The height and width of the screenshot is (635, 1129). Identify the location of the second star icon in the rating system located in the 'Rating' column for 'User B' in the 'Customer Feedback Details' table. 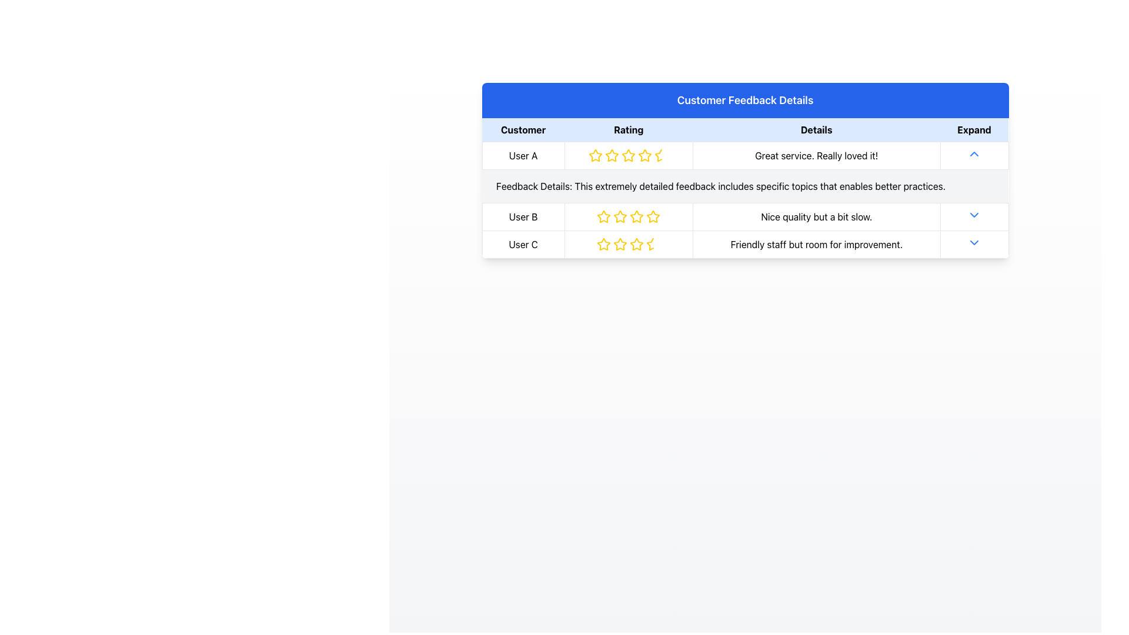
(620, 216).